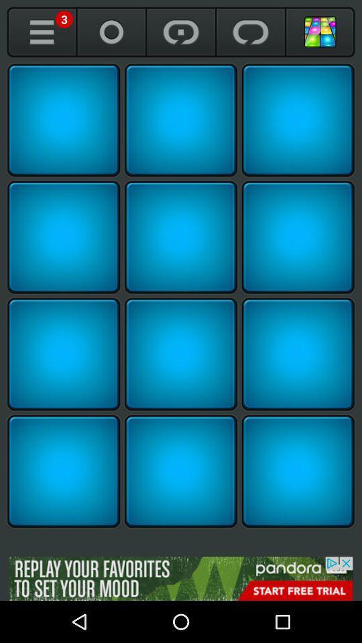  What do you see at coordinates (319, 31) in the screenshot?
I see `a different board` at bounding box center [319, 31].